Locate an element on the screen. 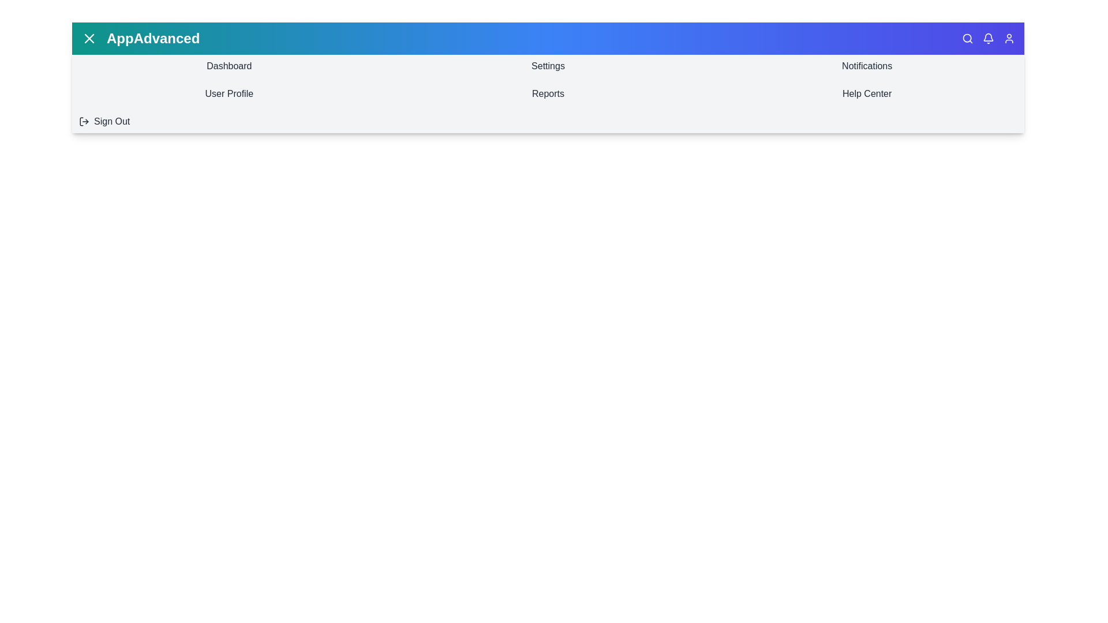  the menu item Help Center from the menu bar is located at coordinates (867, 93).